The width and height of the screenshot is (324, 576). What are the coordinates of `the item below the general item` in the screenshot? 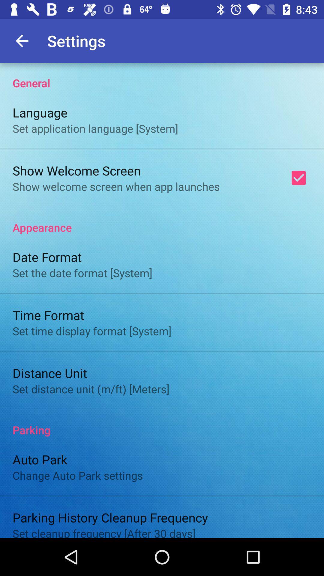 It's located at (298, 178).